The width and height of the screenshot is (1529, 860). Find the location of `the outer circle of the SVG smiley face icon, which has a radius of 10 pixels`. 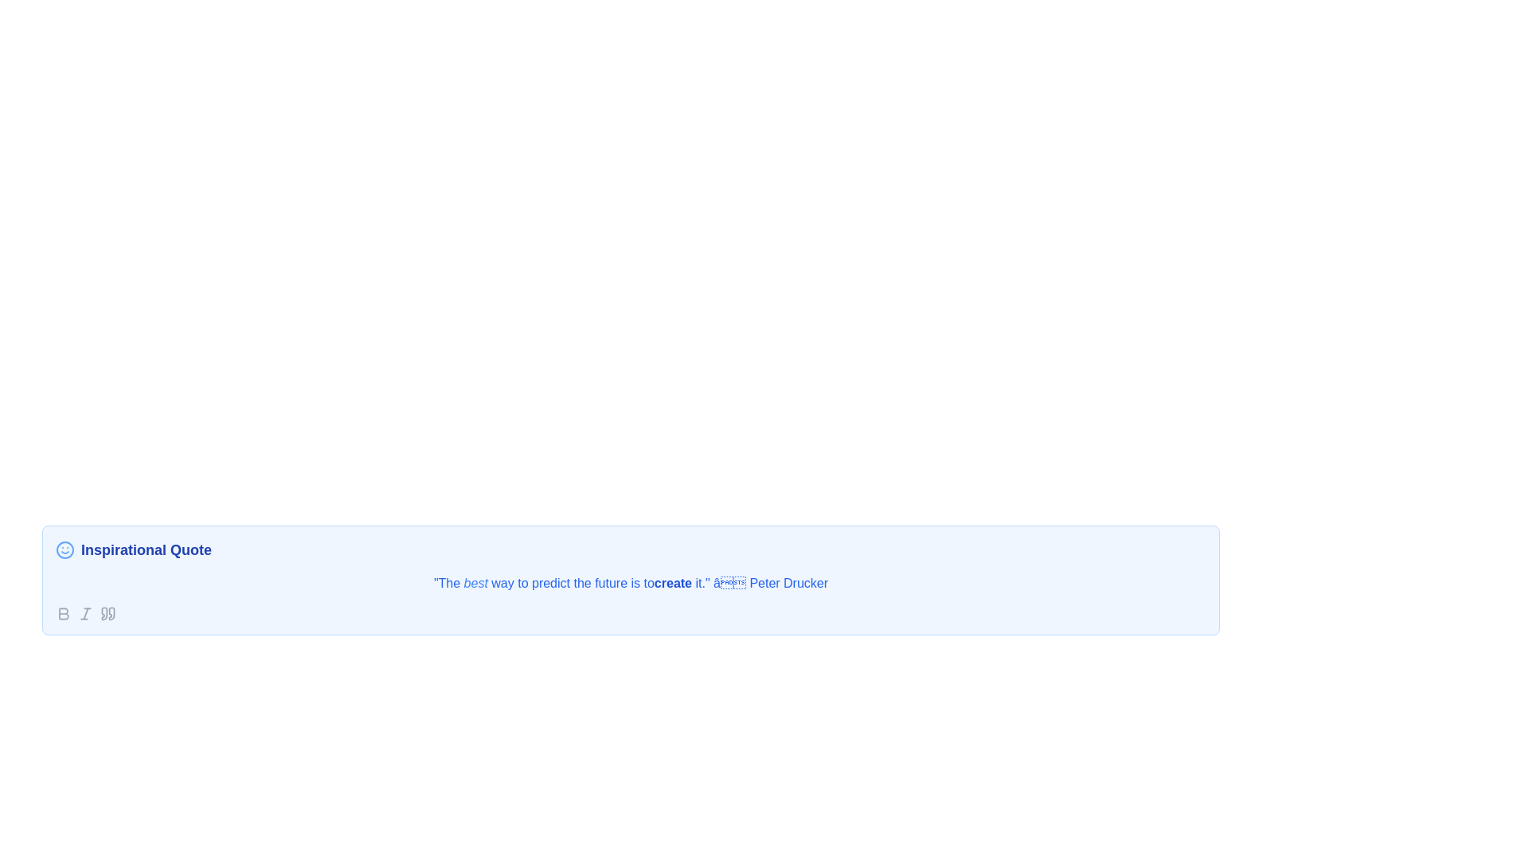

the outer circle of the SVG smiley face icon, which has a radius of 10 pixels is located at coordinates (64, 549).